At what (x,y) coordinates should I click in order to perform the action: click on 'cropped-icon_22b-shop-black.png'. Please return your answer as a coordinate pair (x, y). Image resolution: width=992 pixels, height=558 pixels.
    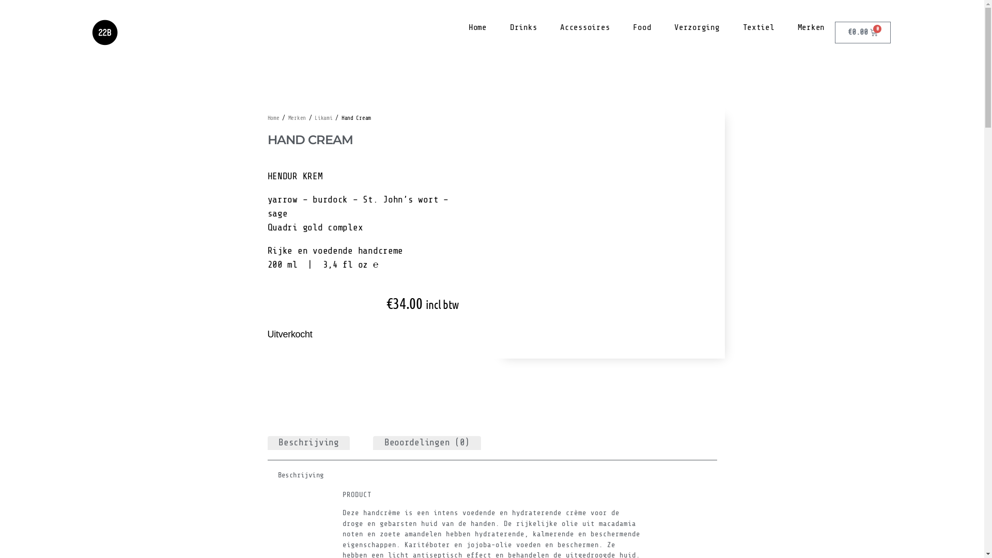
    Looking at the image, I should click on (104, 32).